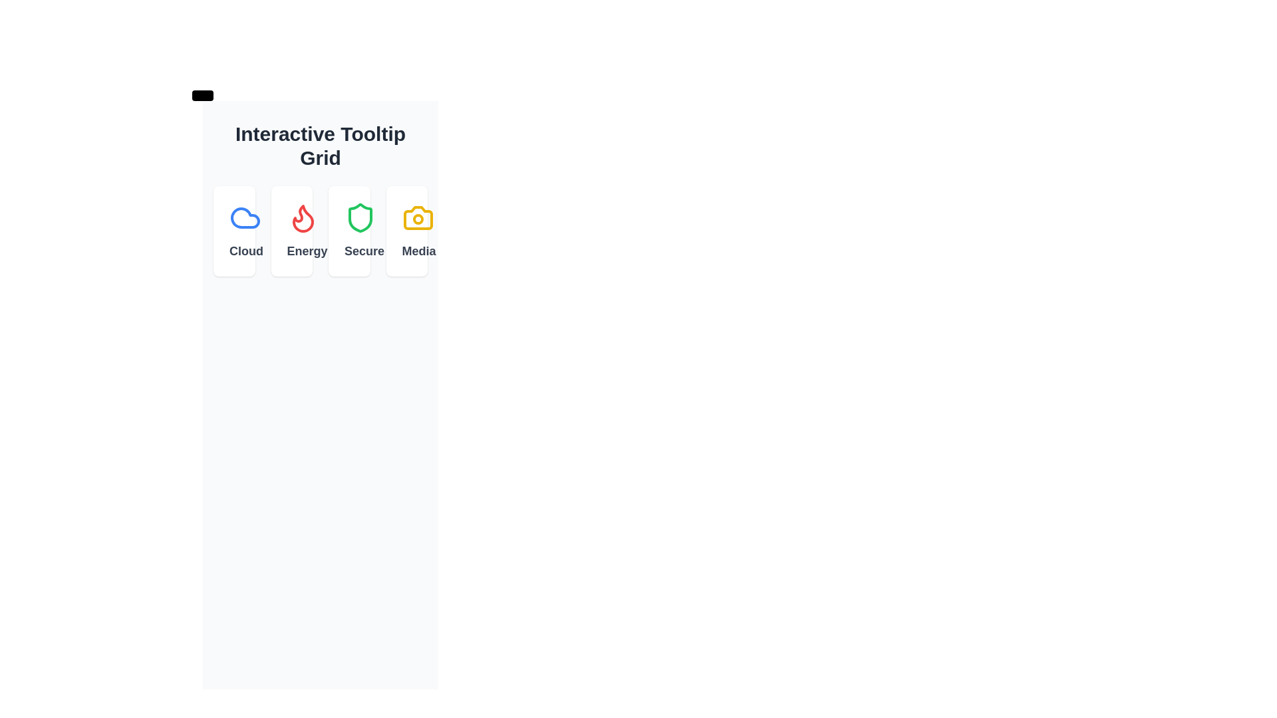  What do you see at coordinates (417, 217) in the screenshot?
I see `the camera icon outlined in thick yellow lines that represents the 'Media' option in the user interface` at bounding box center [417, 217].